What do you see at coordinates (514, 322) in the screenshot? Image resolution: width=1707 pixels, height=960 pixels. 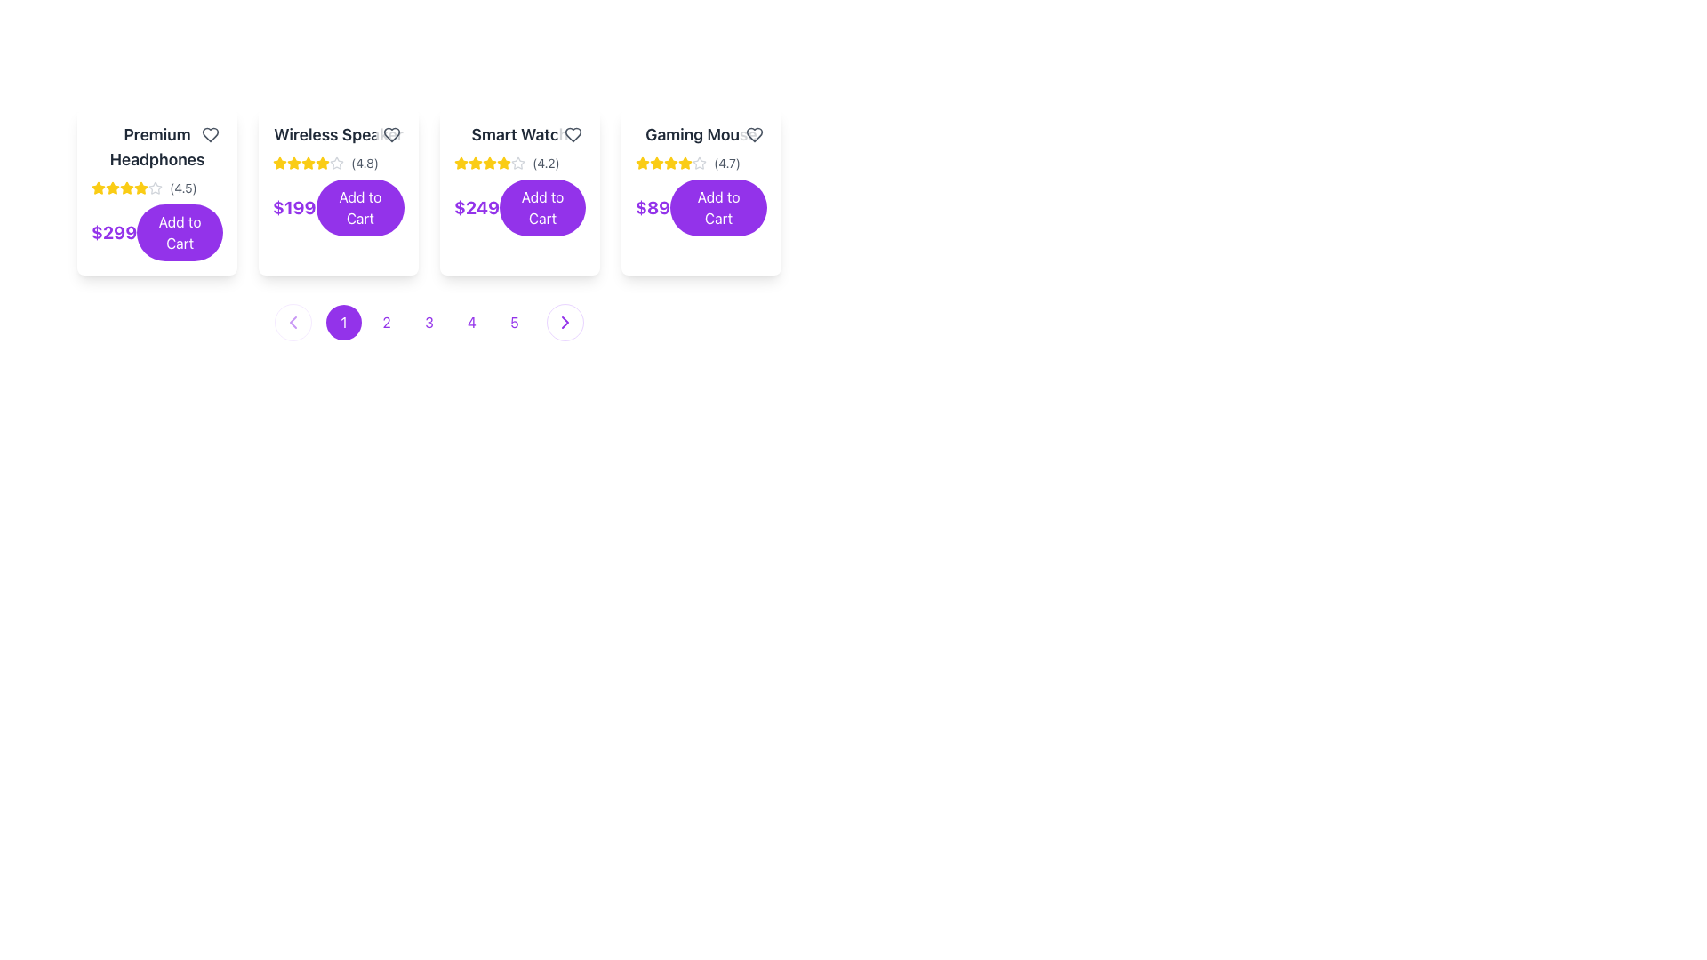 I see `the fifth pagination button, which allows users to navigate to the fifth page of content` at bounding box center [514, 322].